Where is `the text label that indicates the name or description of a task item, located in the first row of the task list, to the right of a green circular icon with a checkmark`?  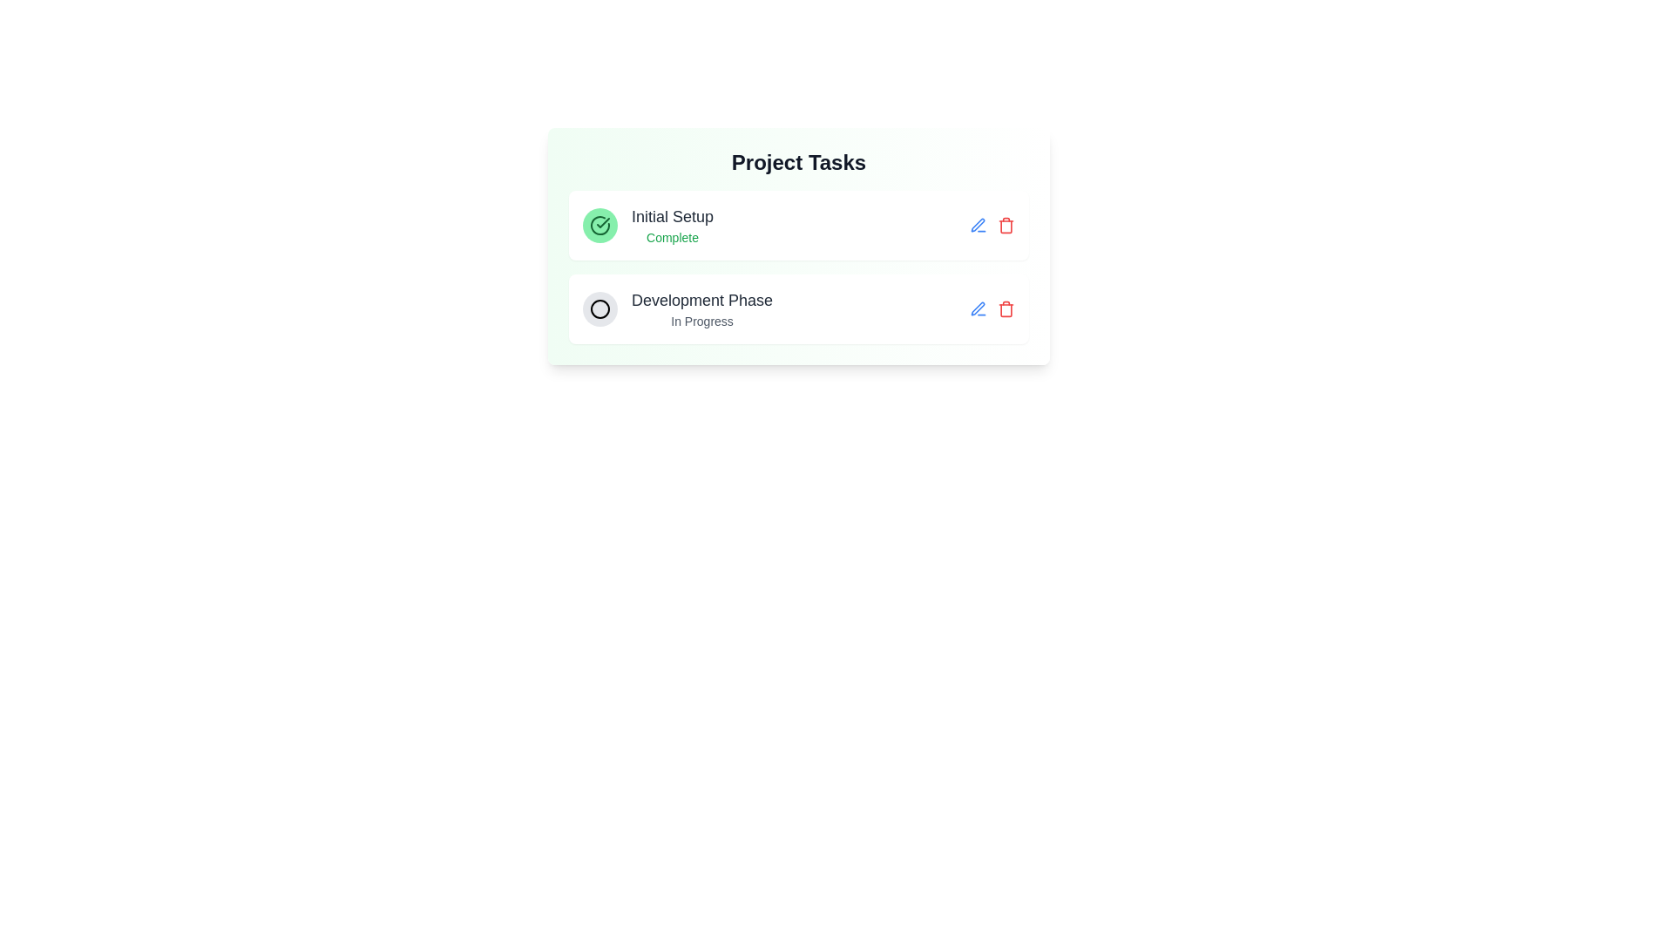 the text label that indicates the name or description of a task item, located in the first row of the task list, to the right of a green circular icon with a checkmark is located at coordinates (672, 216).